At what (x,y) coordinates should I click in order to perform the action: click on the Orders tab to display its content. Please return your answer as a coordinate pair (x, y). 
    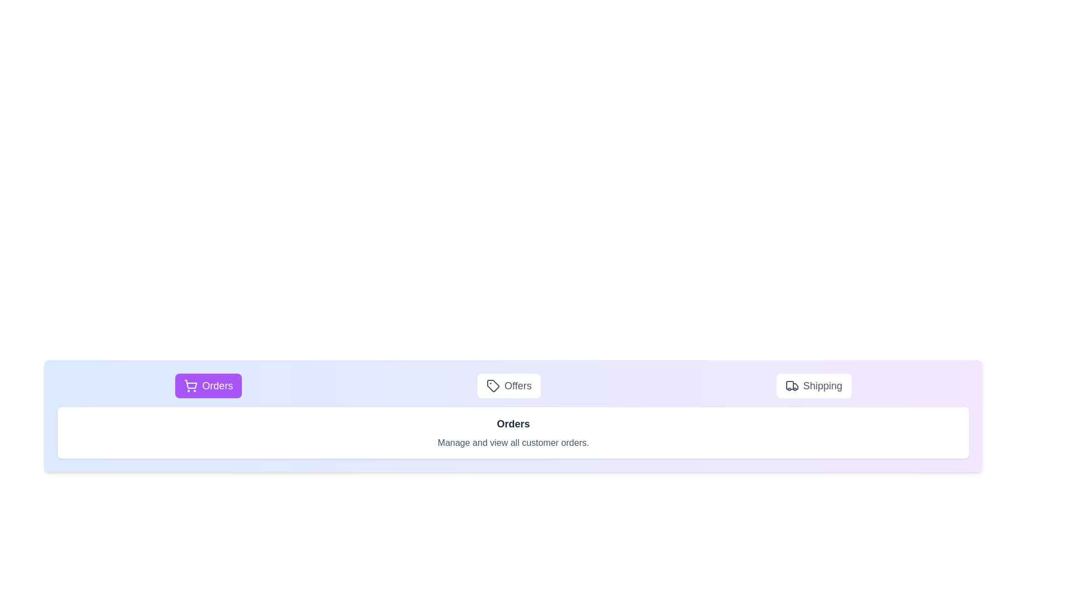
    Looking at the image, I should click on (208, 385).